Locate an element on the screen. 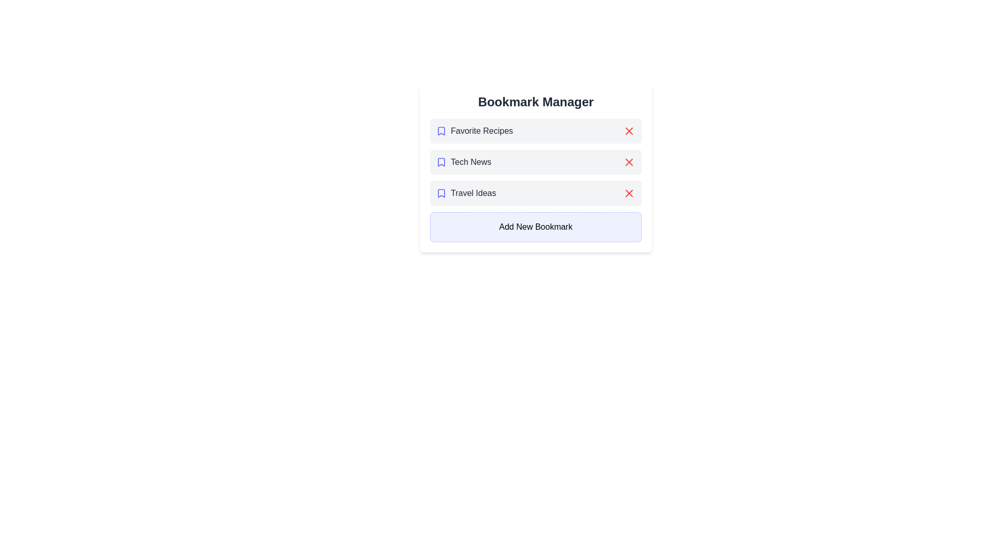  remove button next to the bookmark titled Tech News is located at coordinates (629, 162).